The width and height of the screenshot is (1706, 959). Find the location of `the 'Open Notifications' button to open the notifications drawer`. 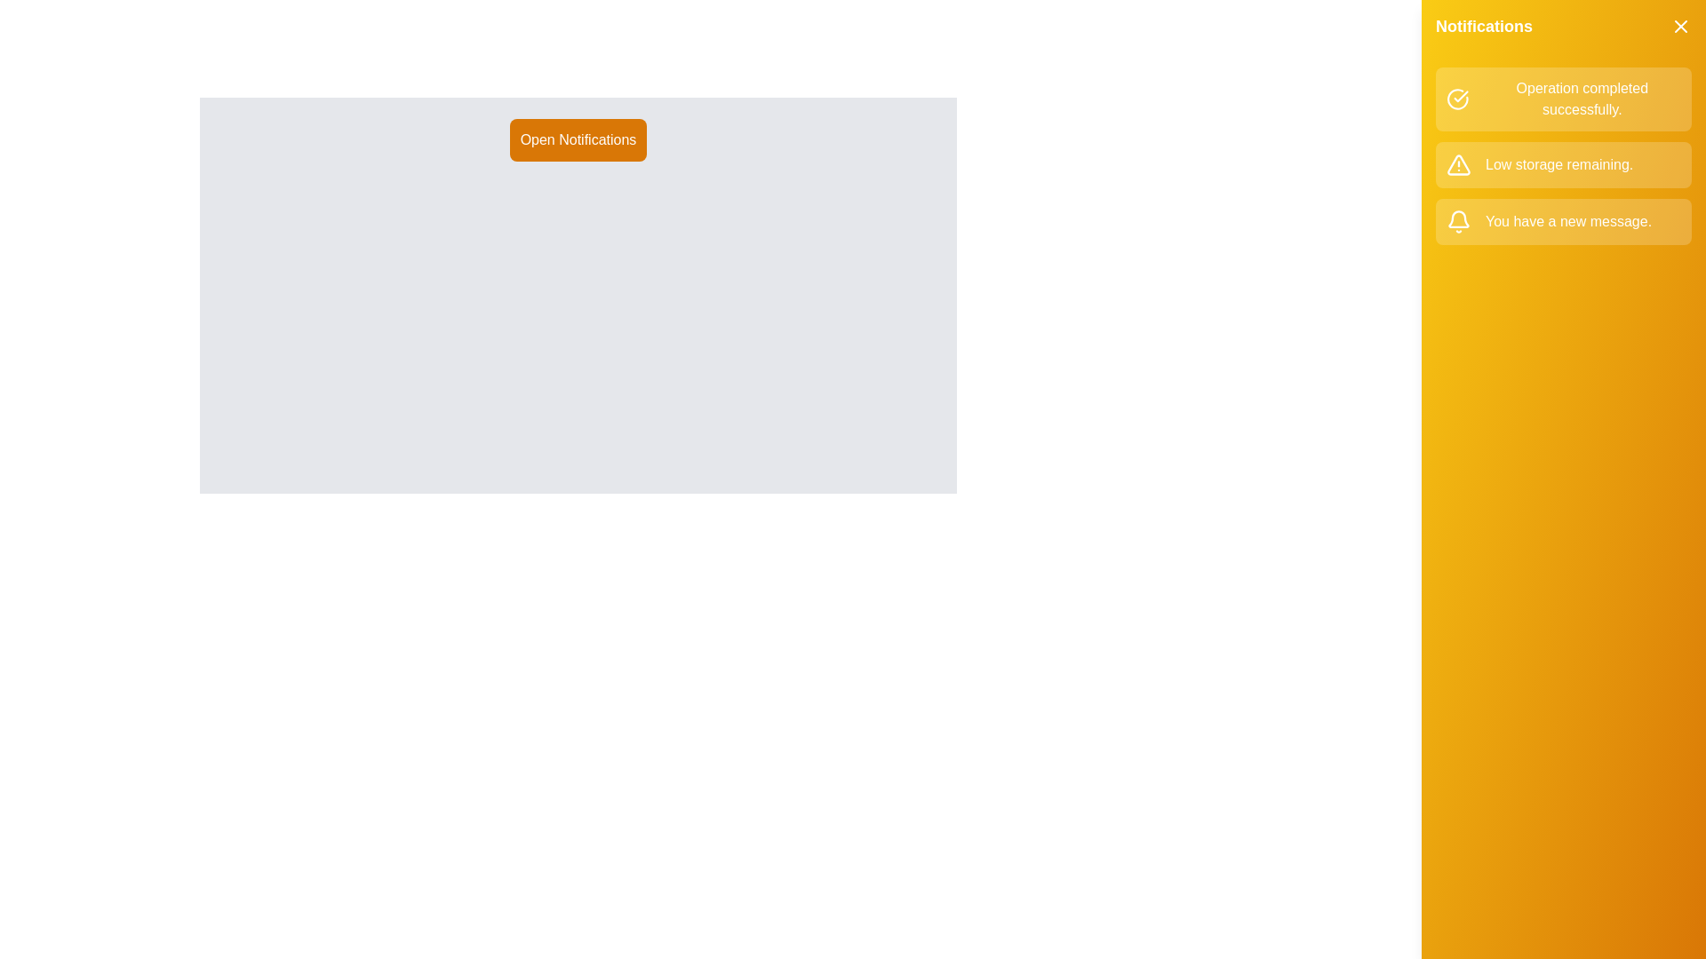

the 'Open Notifications' button to open the notifications drawer is located at coordinates (577, 139).